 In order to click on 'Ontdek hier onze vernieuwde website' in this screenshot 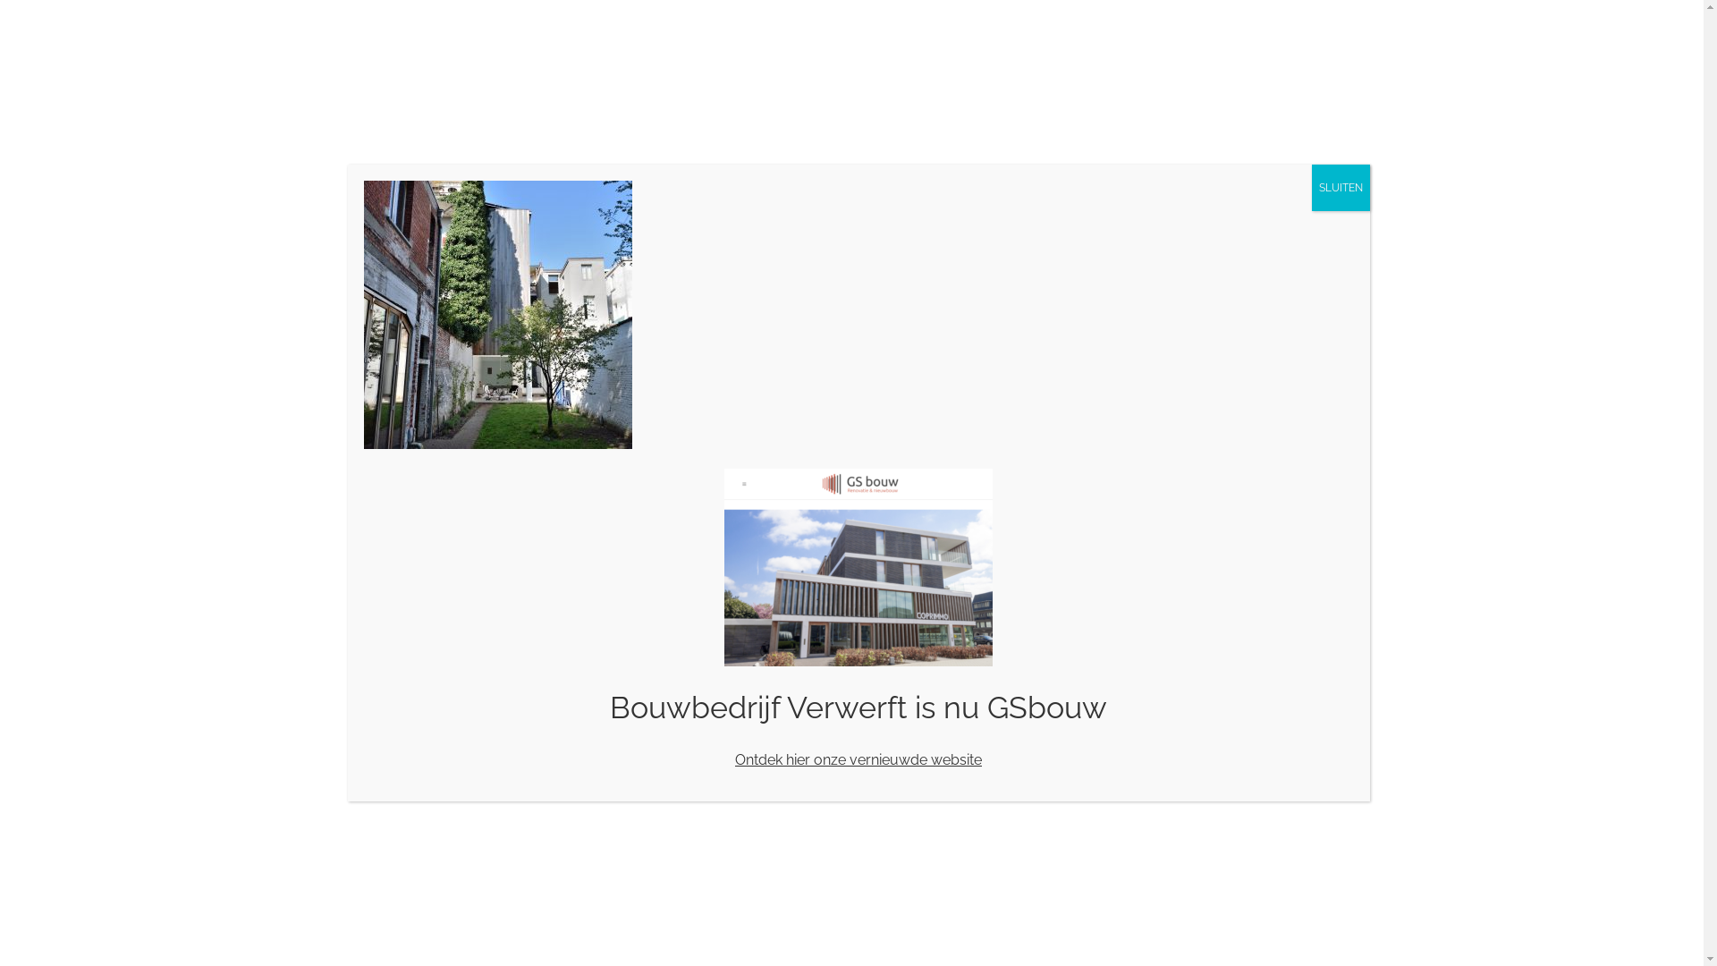, I will do `click(858, 759)`.